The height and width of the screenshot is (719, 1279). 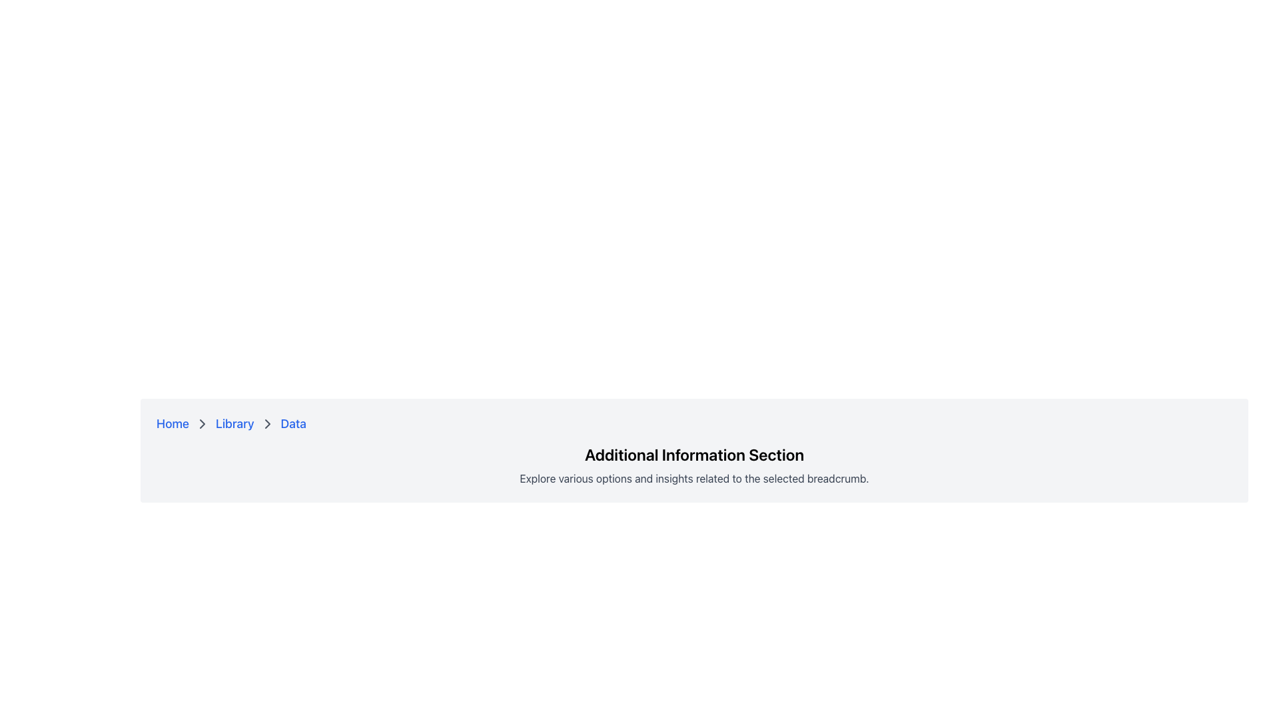 What do you see at coordinates (266, 423) in the screenshot?
I see `the right-facing chevron icon in the breadcrumb navigation between 'Library' and 'Data' if it has interactive functionality` at bounding box center [266, 423].